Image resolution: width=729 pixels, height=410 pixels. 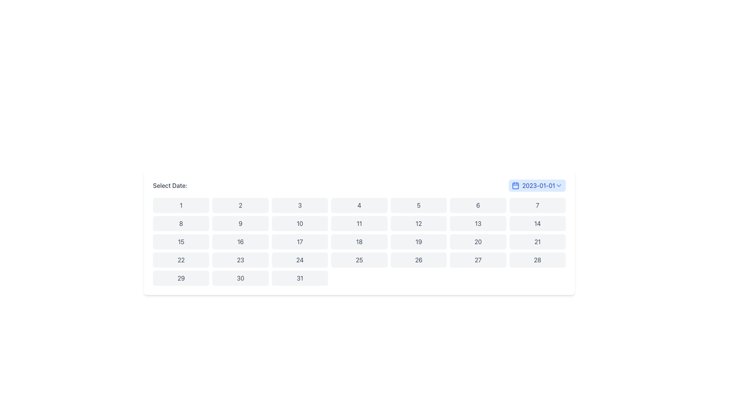 I want to click on the button labeled '12' in the calendar grid, located in the second row and sixth column, adjacent to buttons '11' and '13', so click(x=418, y=223).